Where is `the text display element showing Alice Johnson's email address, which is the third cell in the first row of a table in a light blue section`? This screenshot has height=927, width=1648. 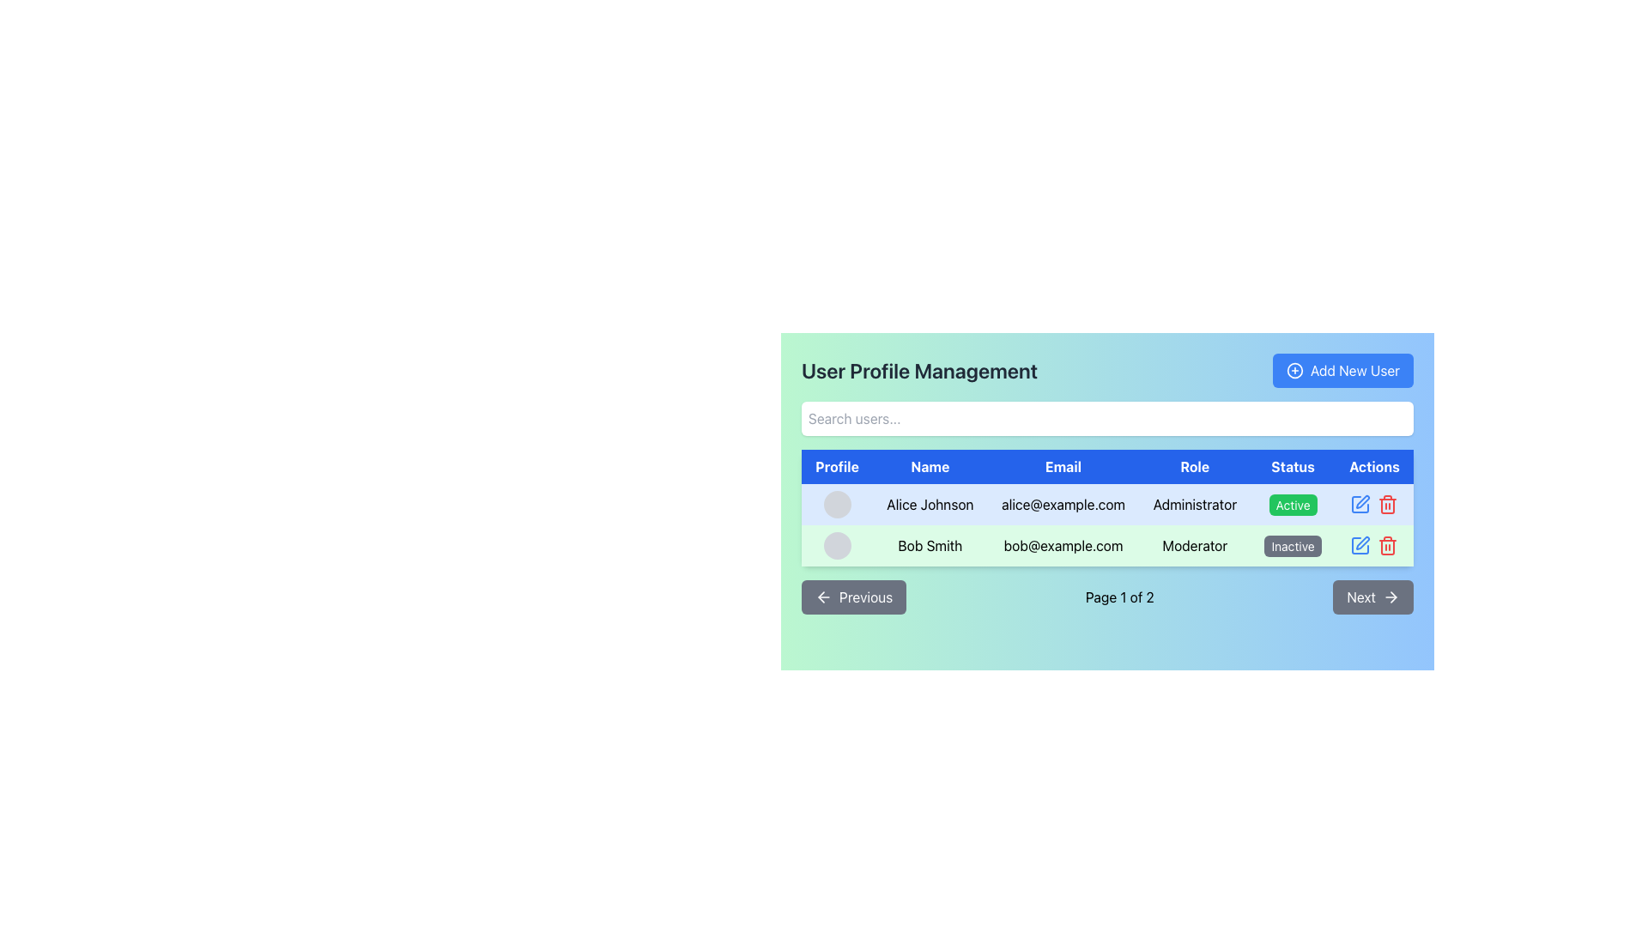 the text display element showing Alice Johnson's email address, which is the third cell in the first row of a table in a light blue section is located at coordinates (1062, 503).